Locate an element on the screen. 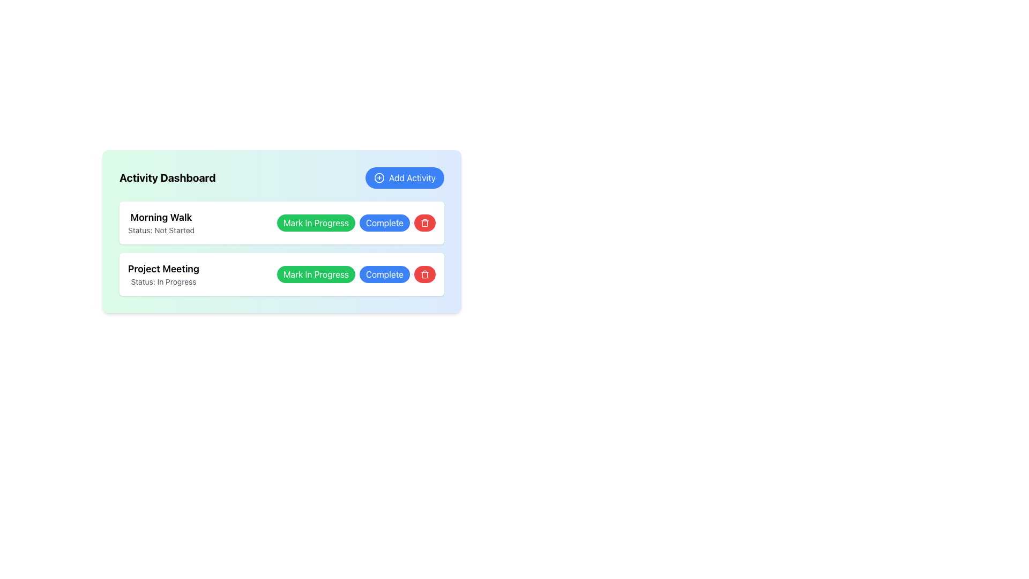 This screenshot has width=1029, height=579. the rounded blue 'Complete' button with white text in the actions column of the 'Morning Walk' task row to change its shade is located at coordinates (384, 222).